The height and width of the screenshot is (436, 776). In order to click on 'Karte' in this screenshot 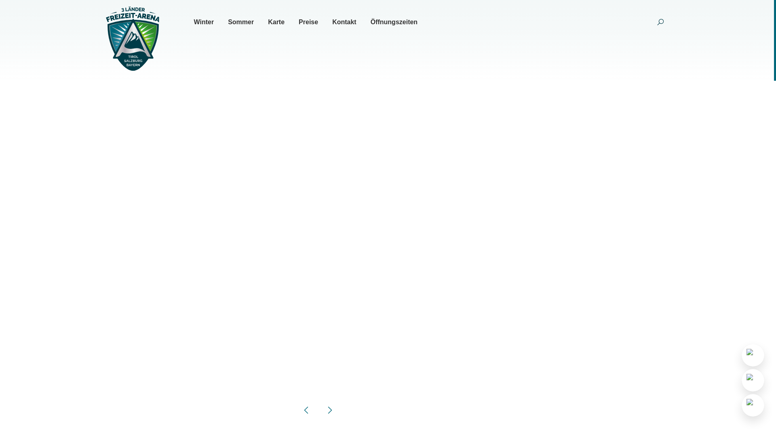, I will do `click(276, 21)`.